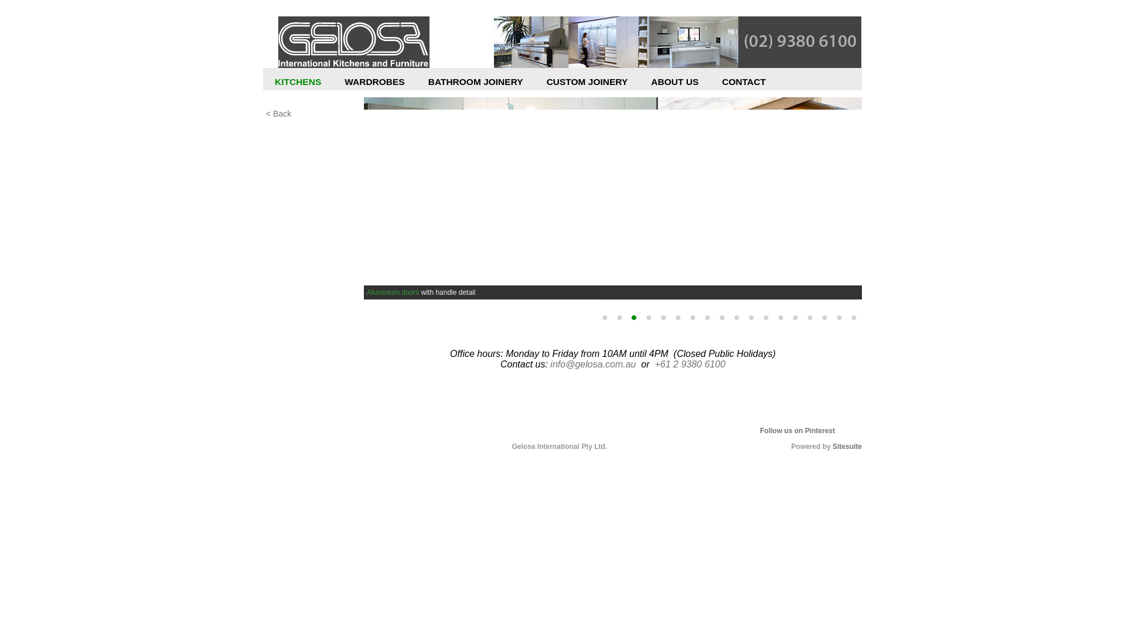  Describe the element at coordinates (743, 84) in the screenshot. I see `'CONTACT'` at that location.